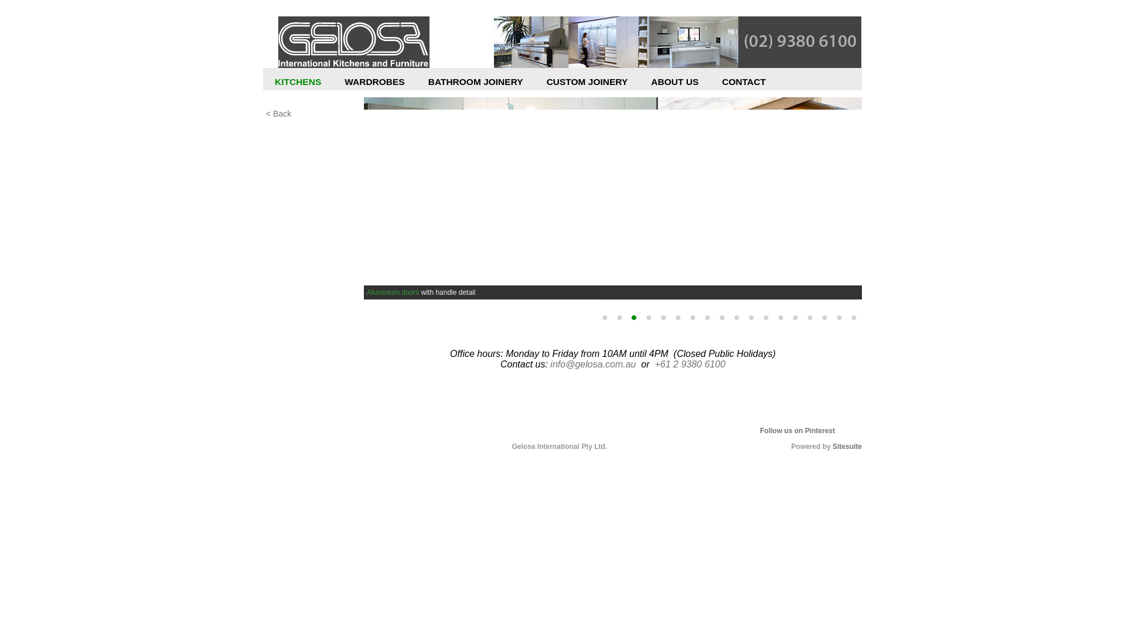  Describe the element at coordinates (743, 84) in the screenshot. I see `'CONTACT'` at that location.